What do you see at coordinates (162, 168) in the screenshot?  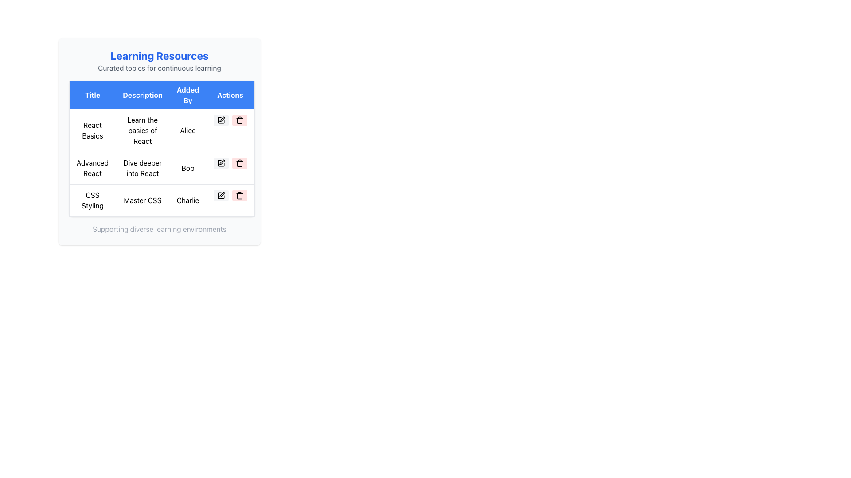 I see `the middle row of the table containing the title 'Advanced React', the description 'Dive deeper into React', and the contributor name 'Bob' using keyboard or mouse actions` at bounding box center [162, 168].